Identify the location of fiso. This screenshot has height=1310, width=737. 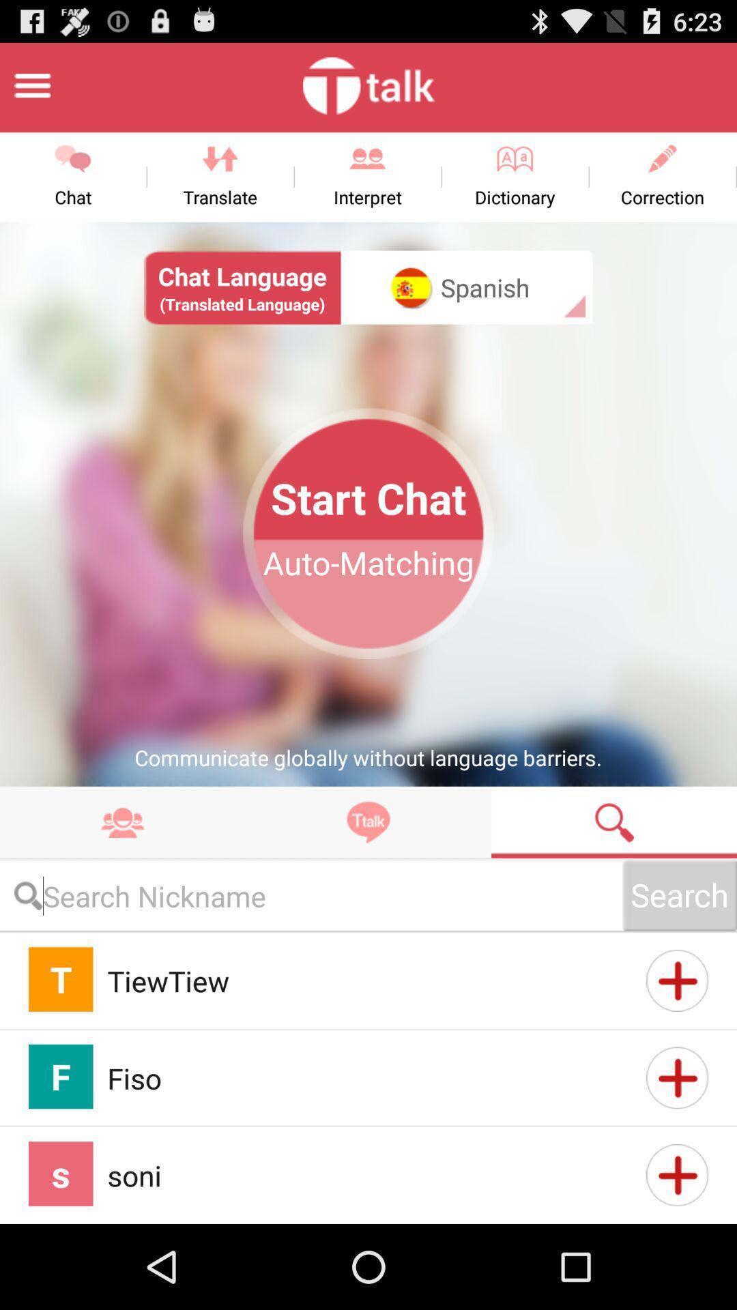
(677, 1077).